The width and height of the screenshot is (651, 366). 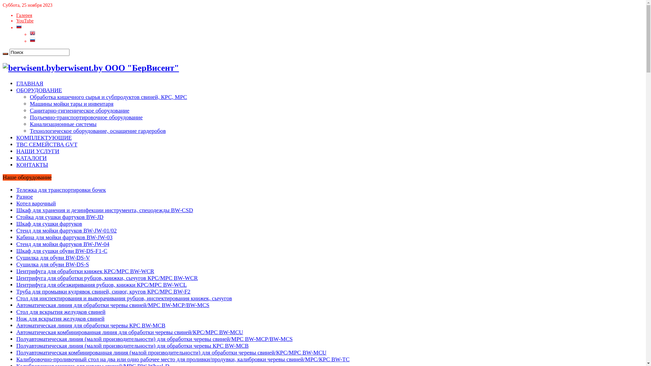 What do you see at coordinates (25, 20) in the screenshot?
I see `'YouTube'` at bounding box center [25, 20].